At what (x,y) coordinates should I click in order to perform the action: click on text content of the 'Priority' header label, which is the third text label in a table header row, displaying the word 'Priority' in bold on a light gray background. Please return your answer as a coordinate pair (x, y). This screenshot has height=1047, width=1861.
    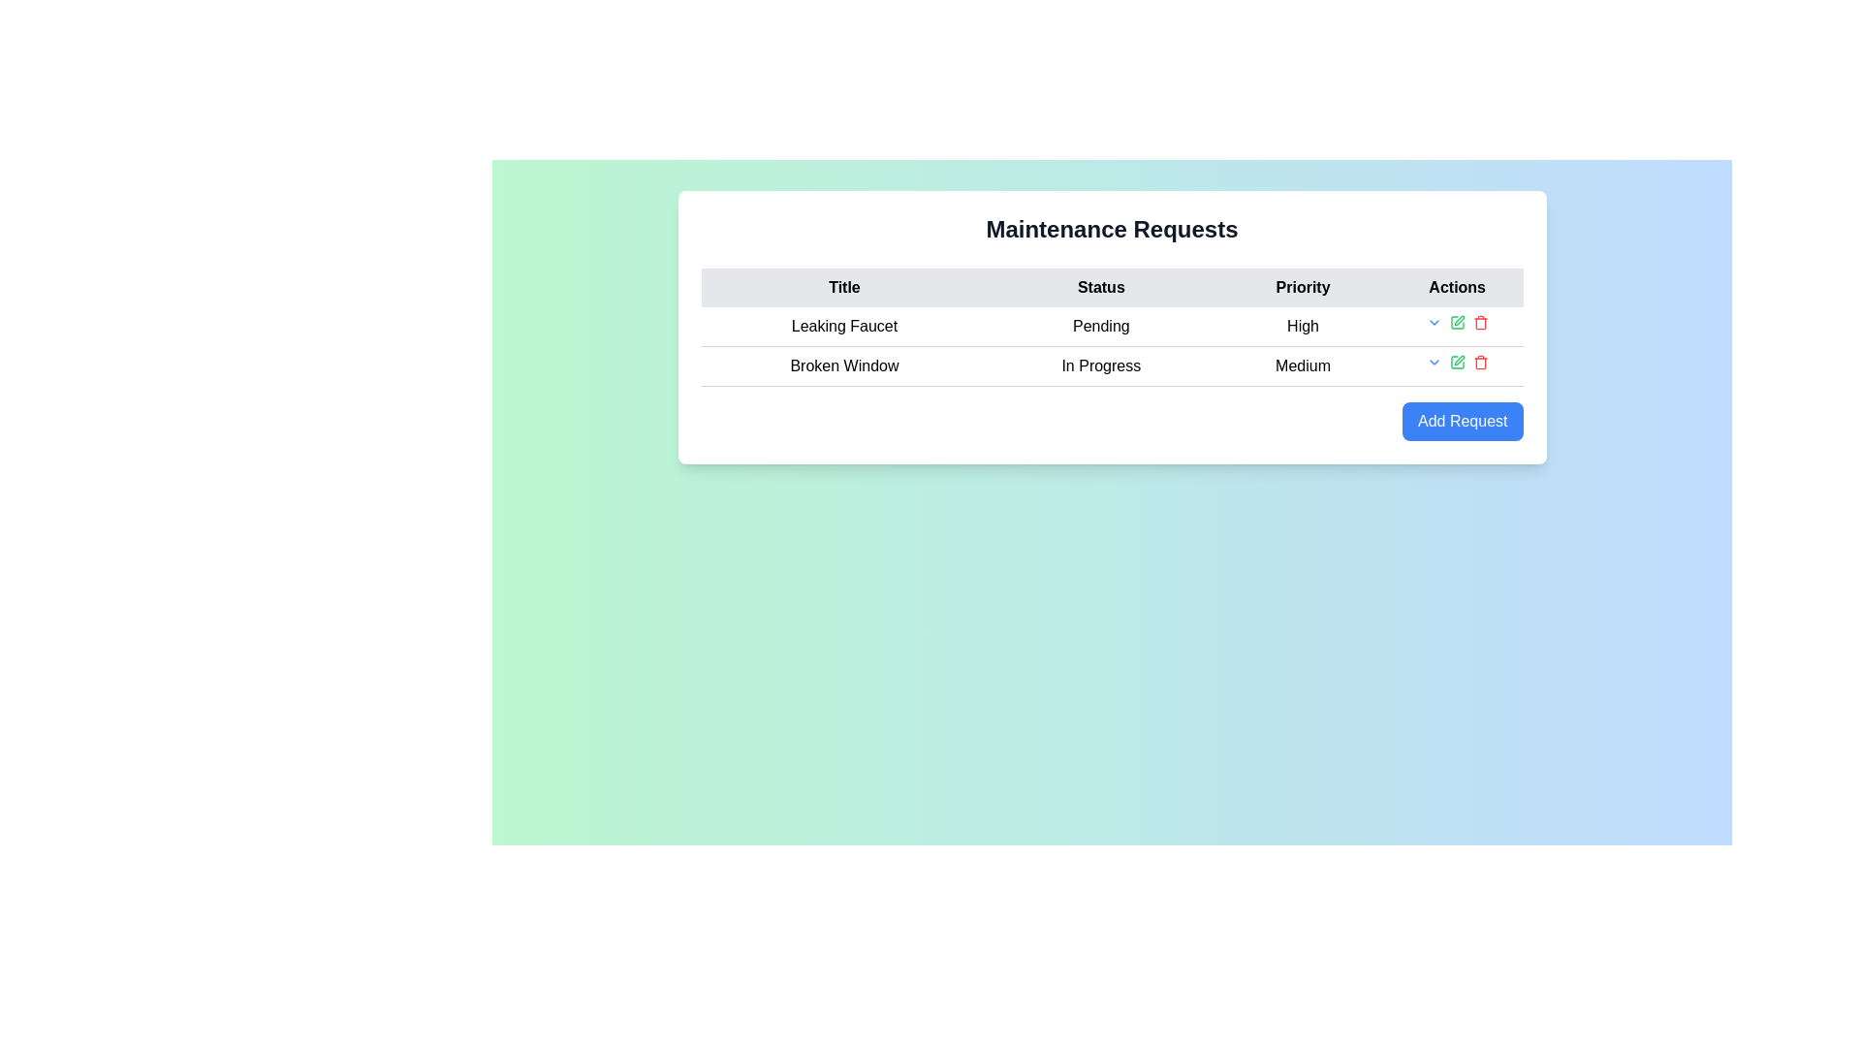
    Looking at the image, I should click on (1303, 288).